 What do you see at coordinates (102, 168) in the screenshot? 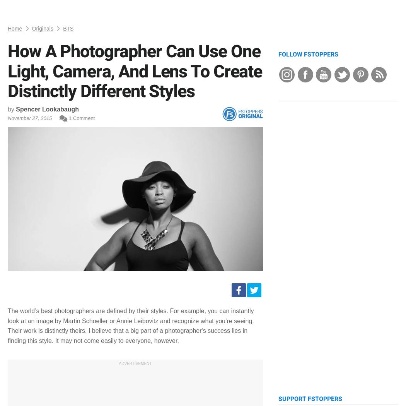
I see `'About Spencer Lookabaugh'` at bounding box center [102, 168].